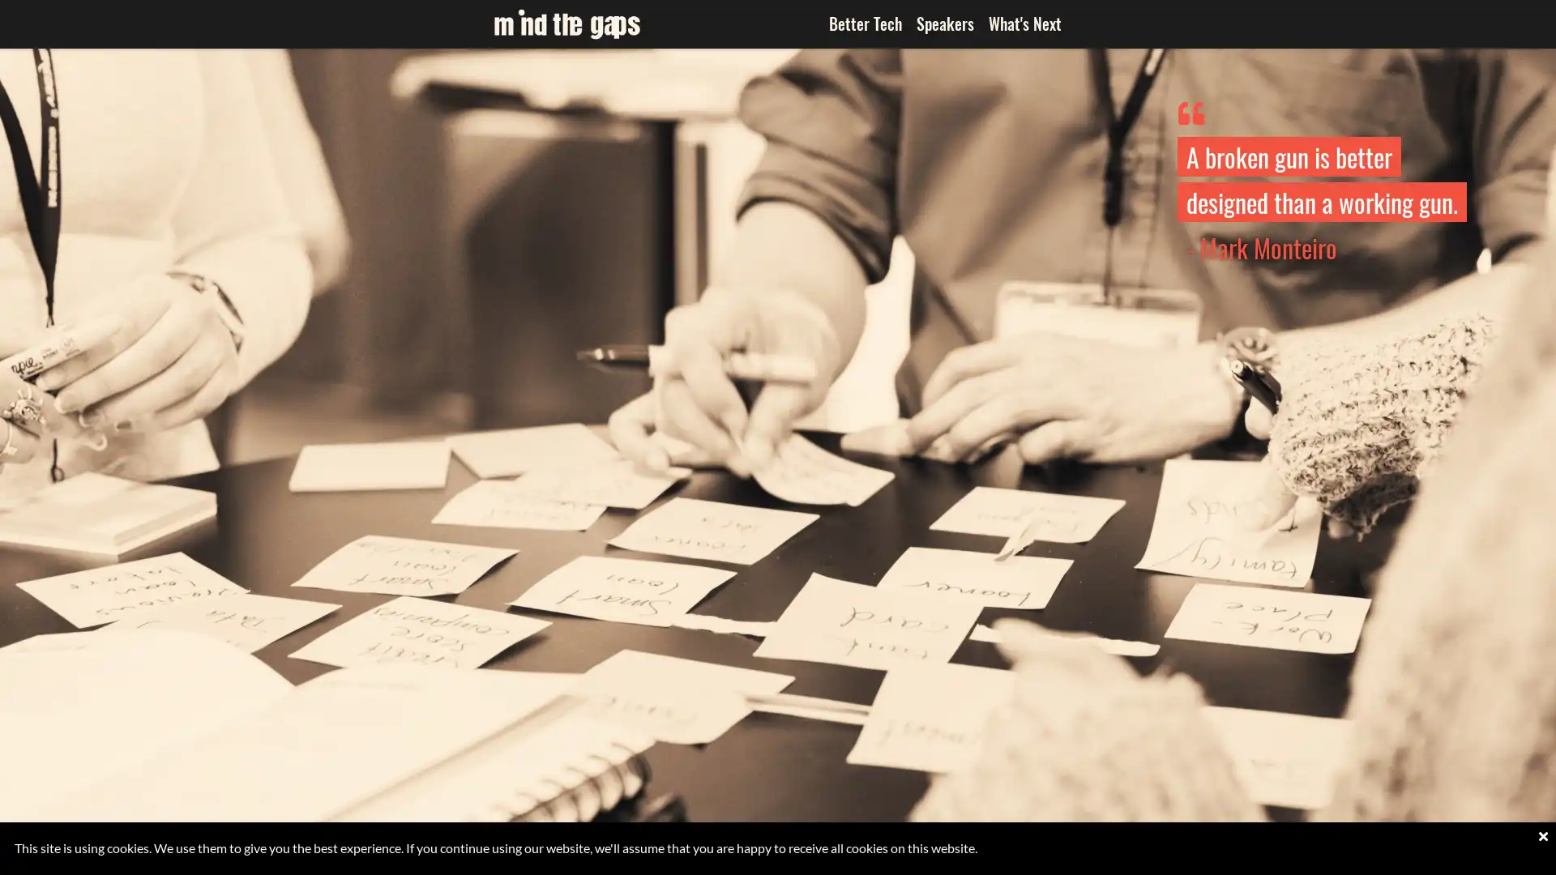 This screenshot has height=875, width=1556. Describe the element at coordinates (802, 857) in the screenshot. I see `4` at that location.